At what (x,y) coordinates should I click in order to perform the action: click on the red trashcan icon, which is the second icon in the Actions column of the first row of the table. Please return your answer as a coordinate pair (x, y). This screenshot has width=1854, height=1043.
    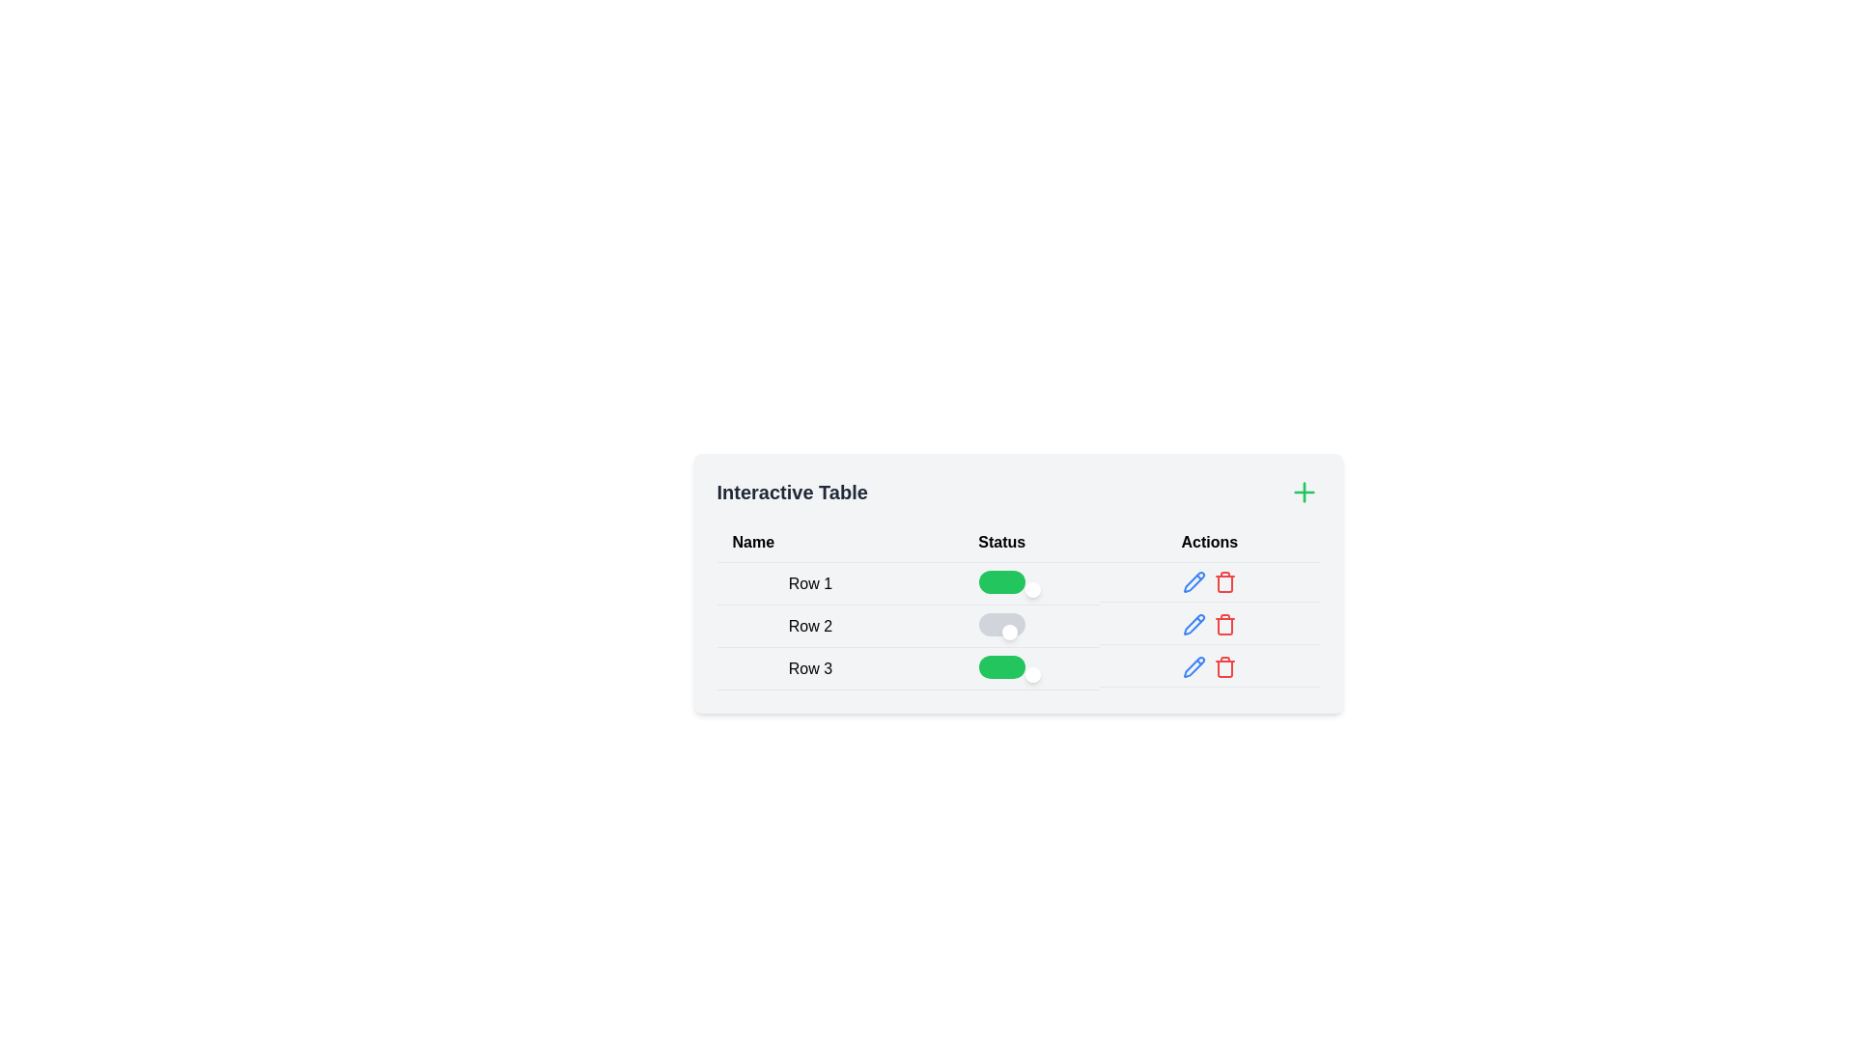
    Looking at the image, I should click on (1222, 580).